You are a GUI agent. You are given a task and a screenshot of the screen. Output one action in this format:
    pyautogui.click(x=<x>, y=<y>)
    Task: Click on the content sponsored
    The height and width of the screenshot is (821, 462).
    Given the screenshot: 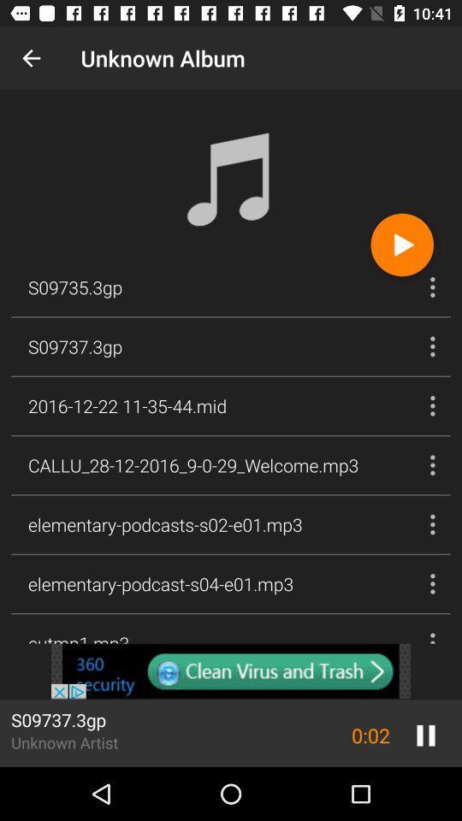 What is the action you would take?
    pyautogui.click(x=231, y=671)
    